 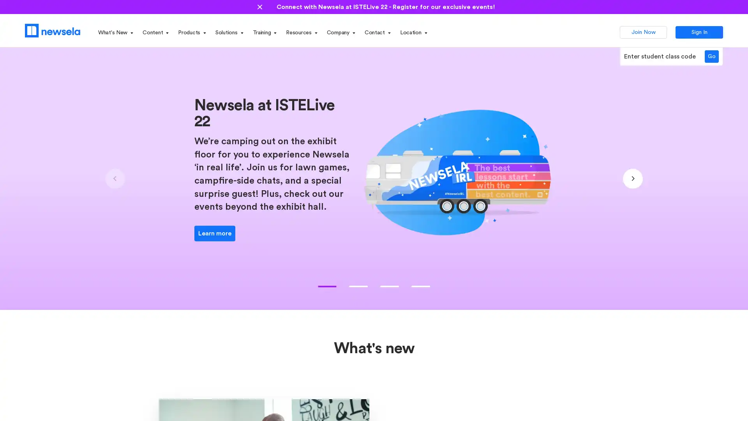 I want to click on Open What's New dropdown, so click(x=132, y=32).